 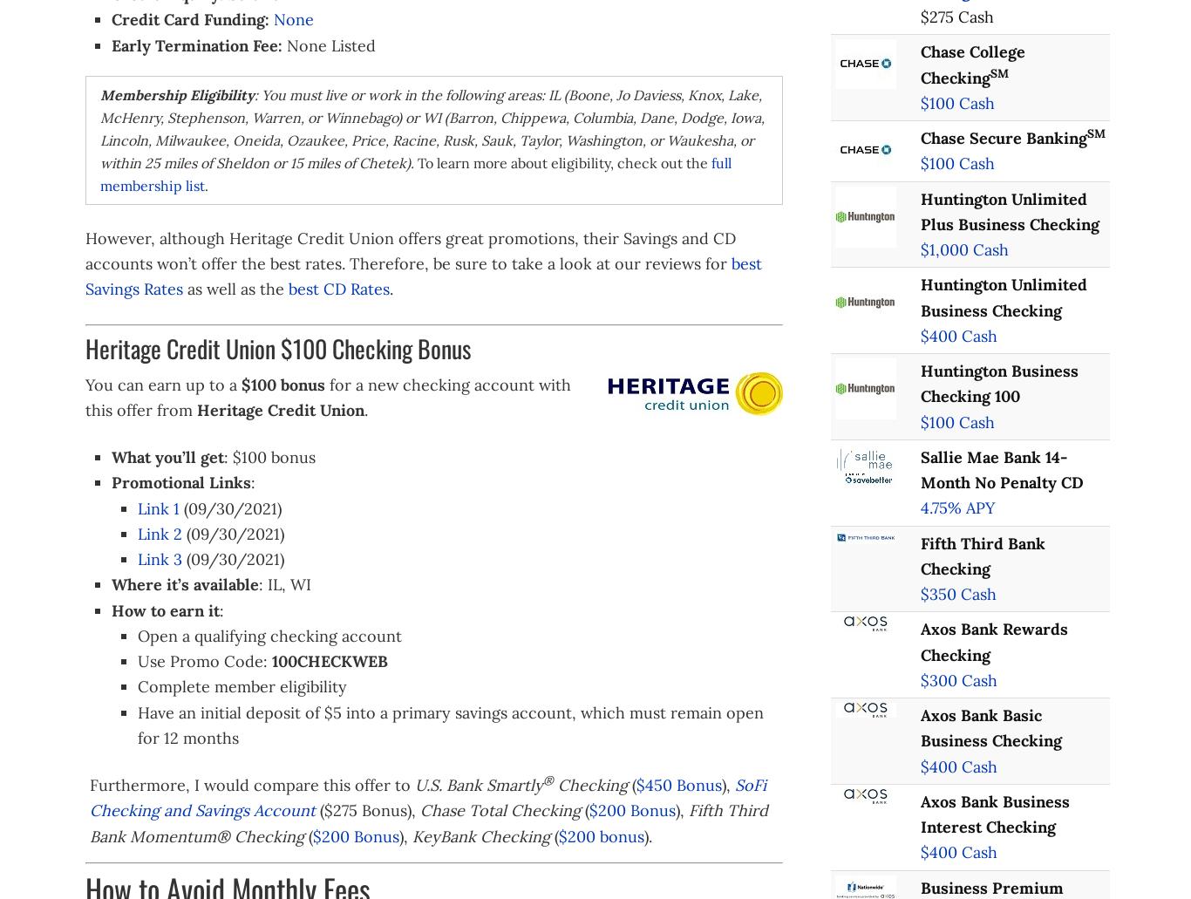 What do you see at coordinates (195, 44) in the screenshot?
I see `'Early Termination Fee:'` at bounding box center [195, 44].